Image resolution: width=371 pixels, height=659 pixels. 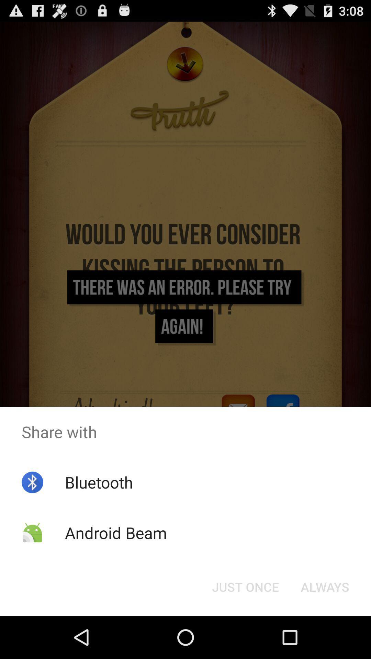 What do you see at coordinates (115, 532) in the screenshot?
I see `android beam app` at bounding box center [115, 532].